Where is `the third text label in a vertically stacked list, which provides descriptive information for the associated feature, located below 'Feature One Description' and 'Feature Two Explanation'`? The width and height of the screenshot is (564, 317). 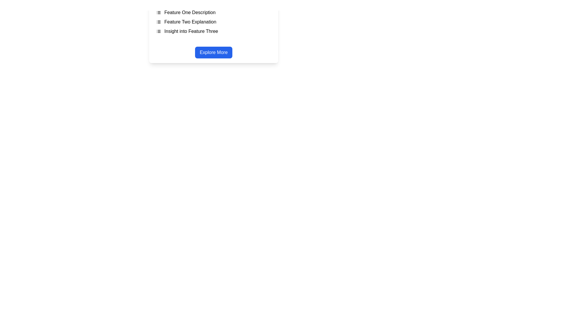
the third text label in a vertically stacked list, which provides descriptive information for the associated feature, located below 'Feature One Description' and 'Feature Two Explanation' is located at coordinates (191, 31).